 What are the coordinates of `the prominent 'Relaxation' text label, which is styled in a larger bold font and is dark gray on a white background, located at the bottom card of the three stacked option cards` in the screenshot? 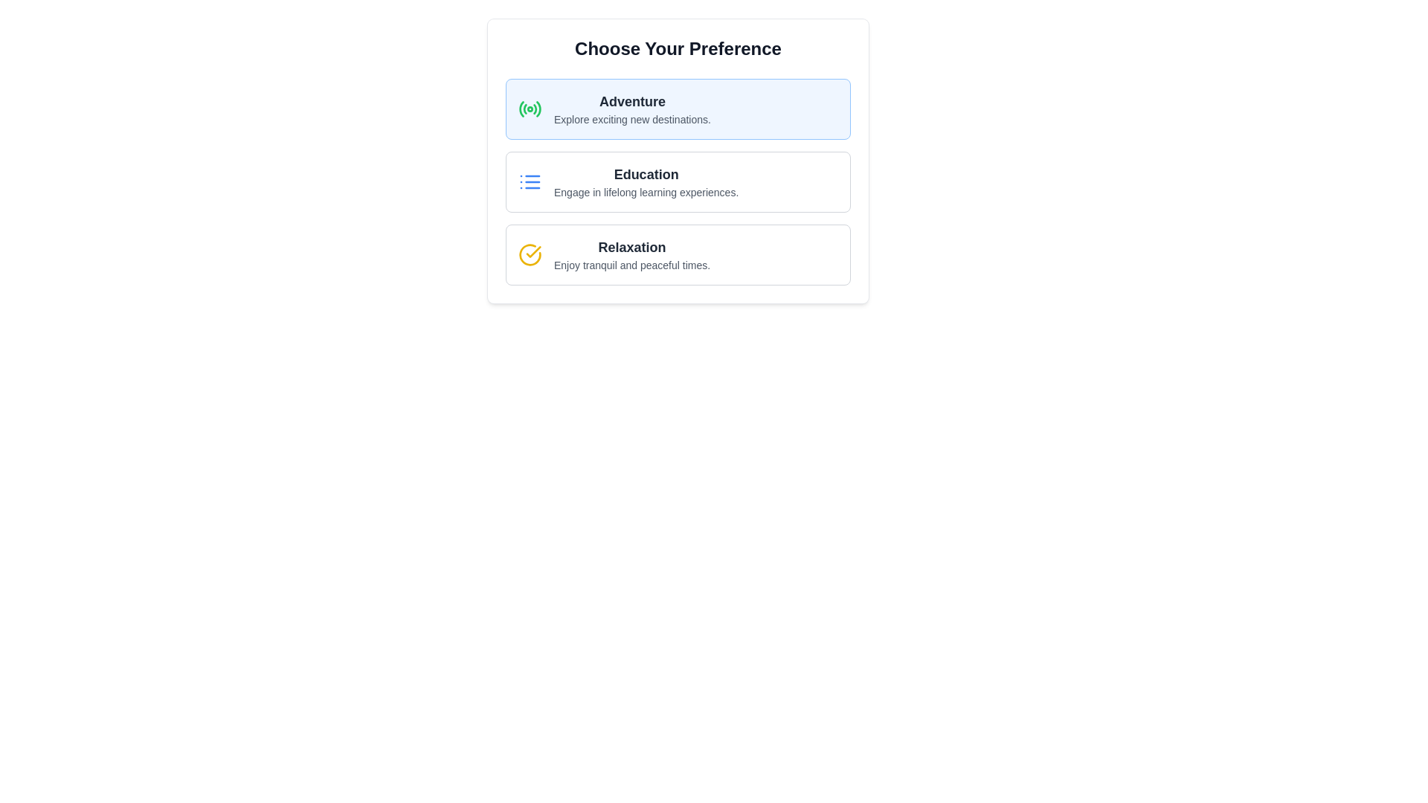 It's located at (631, 246).